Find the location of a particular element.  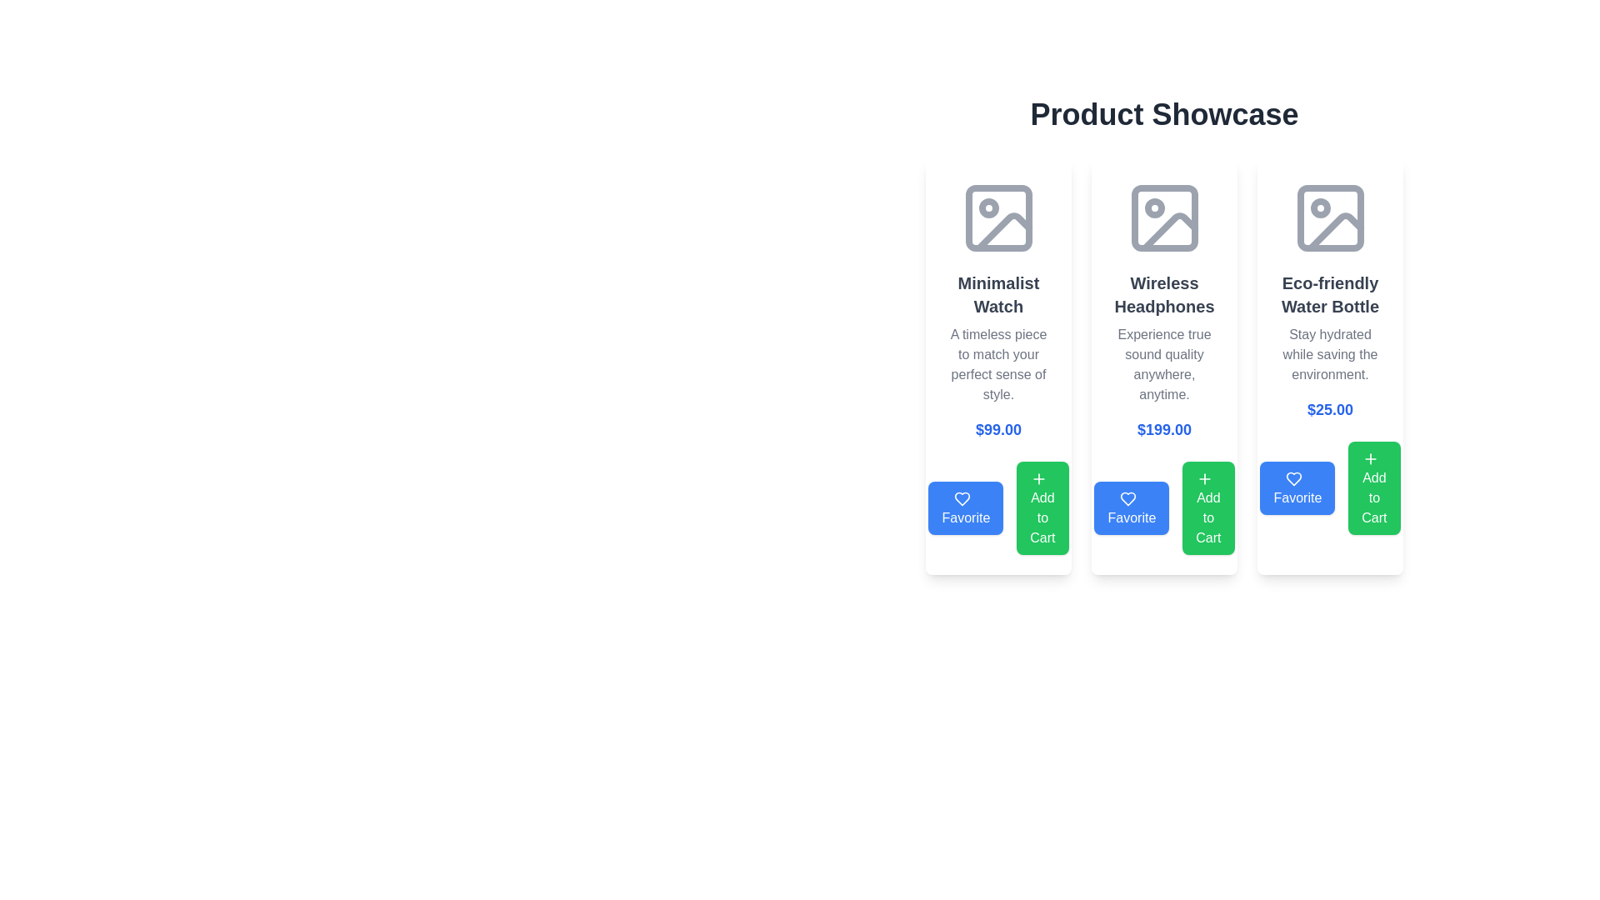

the heart-shaped icon within the 'Favorite' button of the 'Wireless Headphones' product card to favorite or unfavorite the associated item is located at coordinates (1128, 497).